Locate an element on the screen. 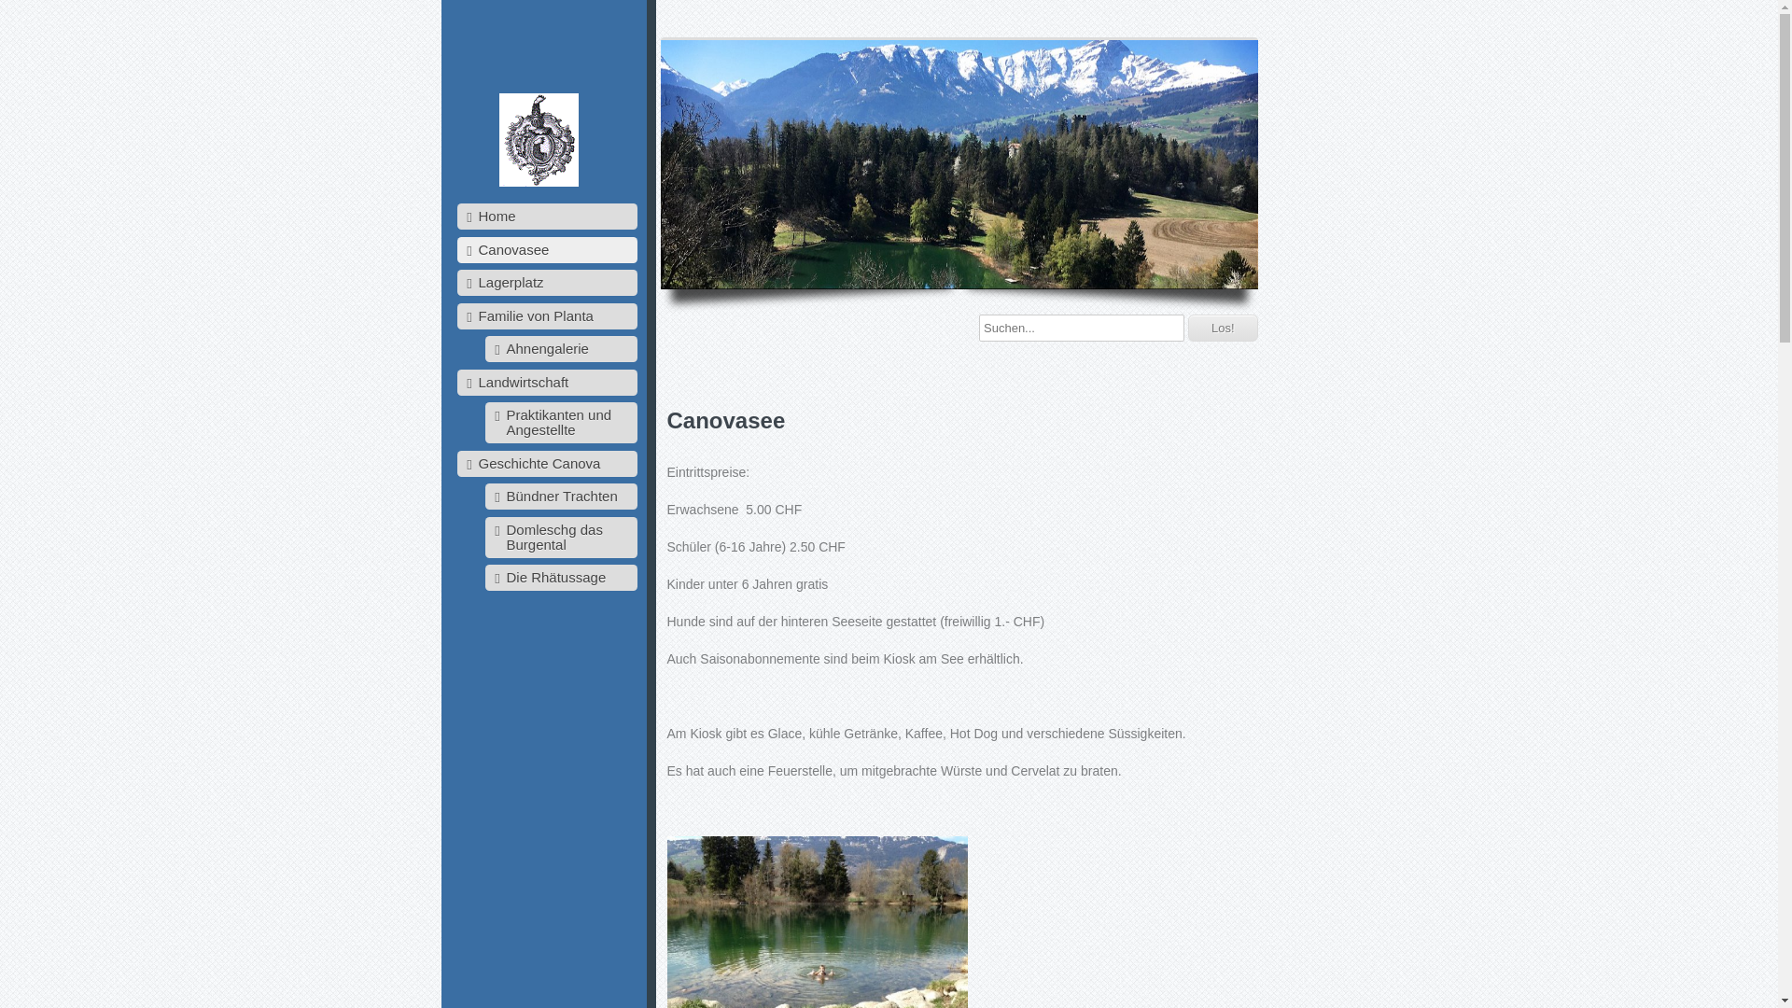 This screenshot has height=1008, width=1792. 'Ahnengalerie' is located at coordinates (560, 349).